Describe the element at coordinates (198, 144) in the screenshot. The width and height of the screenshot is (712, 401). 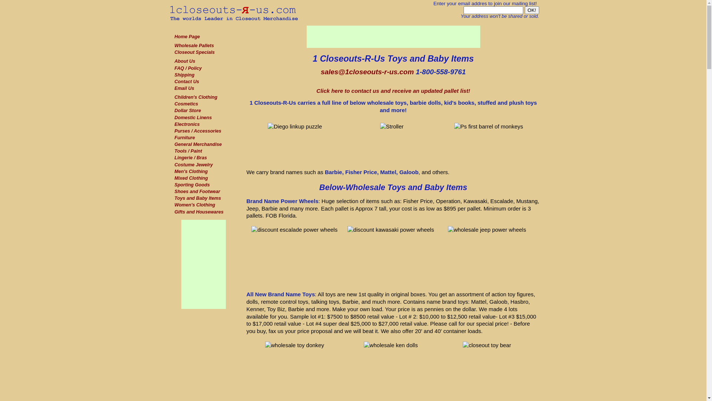
I see `'General Merchandise'` at that location.